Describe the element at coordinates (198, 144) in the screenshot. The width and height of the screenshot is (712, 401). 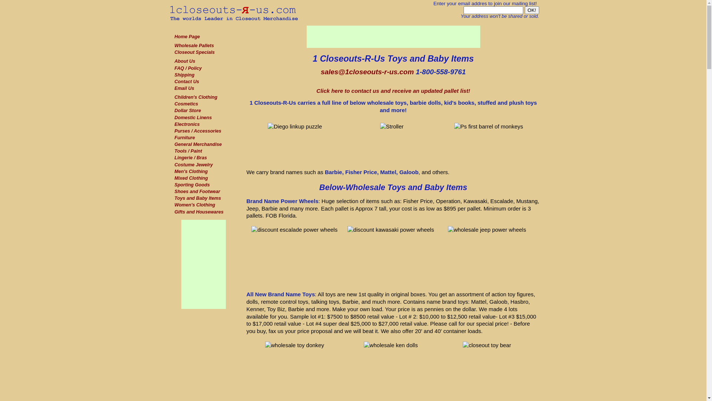
I see `'General Merchandise'` at that location.